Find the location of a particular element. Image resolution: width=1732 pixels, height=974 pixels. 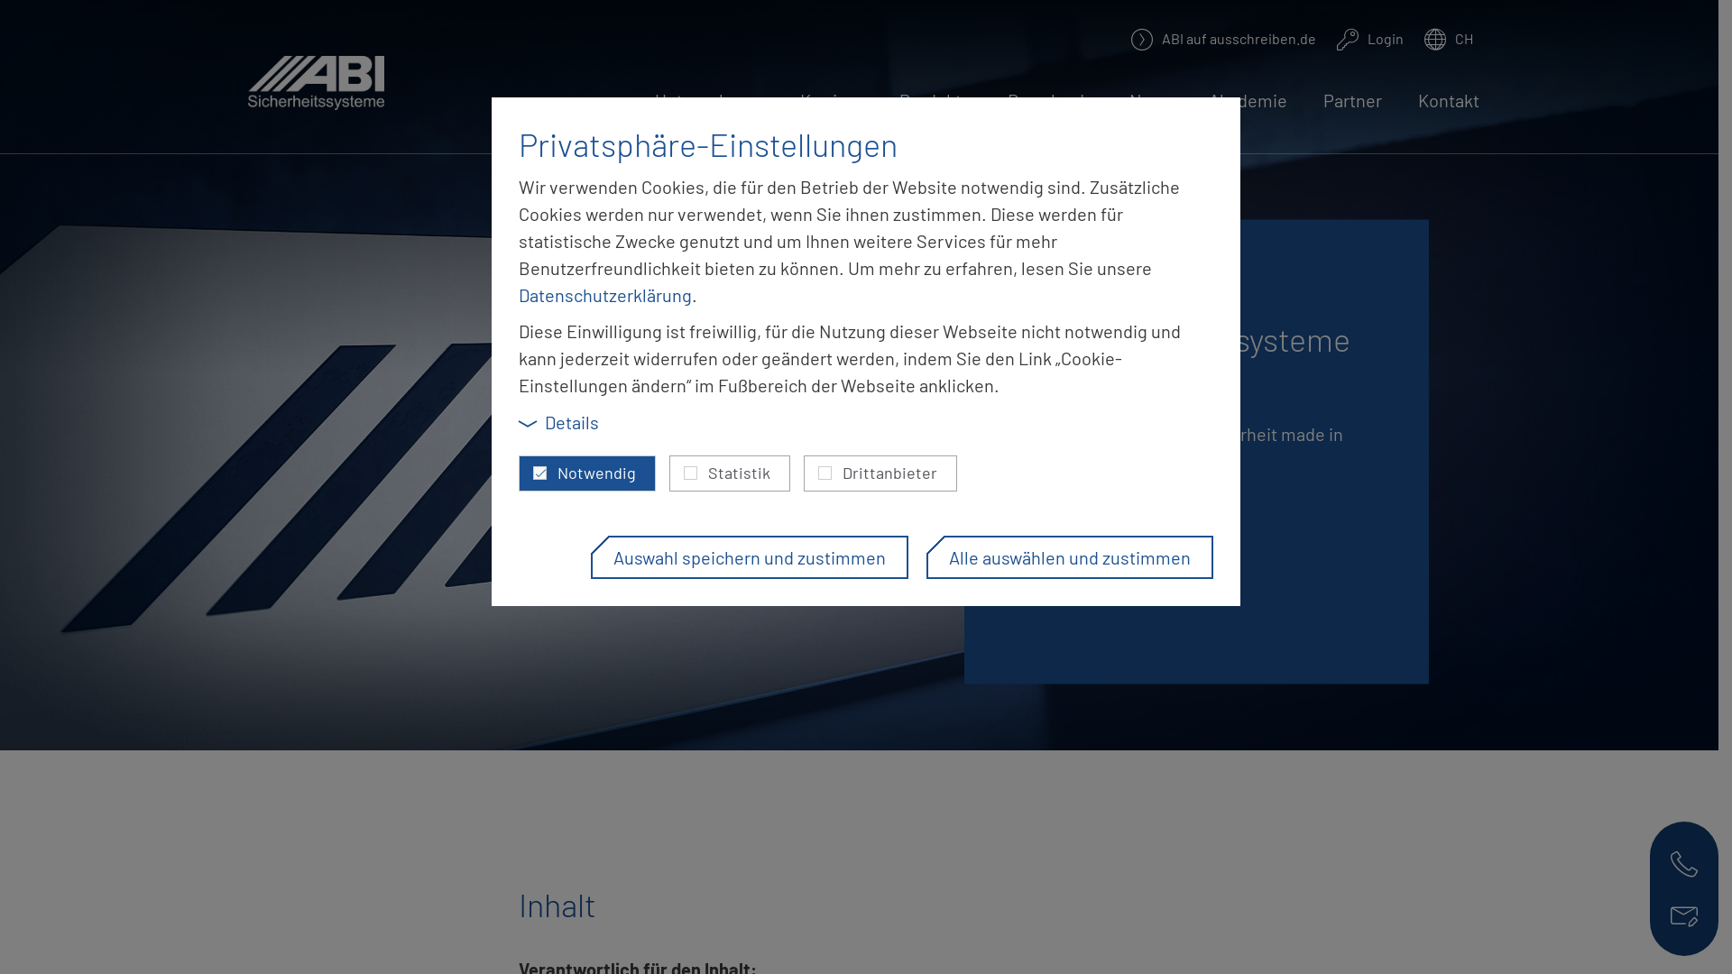

'CH' is located at coordinates (1423, 38).